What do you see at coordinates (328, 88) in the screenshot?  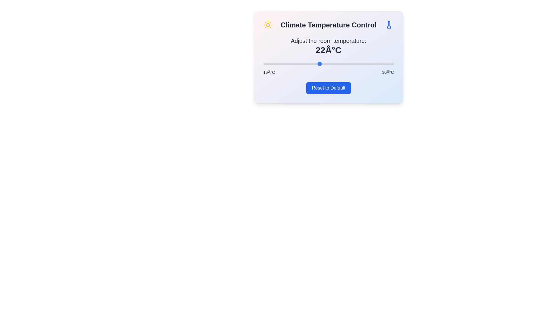 I see `'Reset to Default' button to reset the temperature` at bounding box center [328, 88].